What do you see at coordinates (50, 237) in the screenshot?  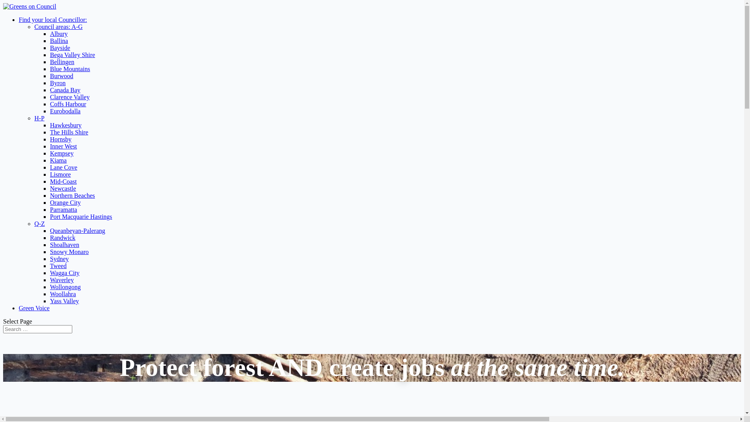 I see `'Randwick'` at bounding box center [50, 237].